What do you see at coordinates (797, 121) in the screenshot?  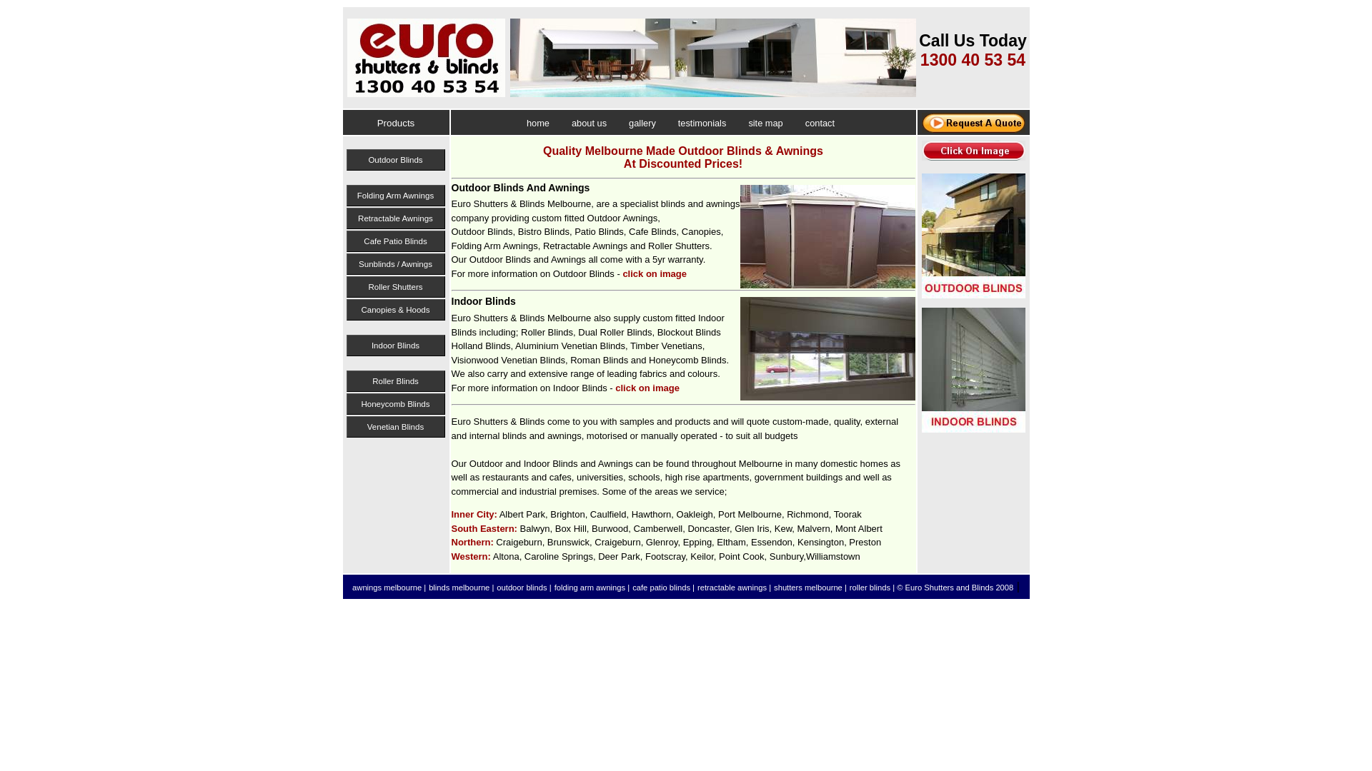 I see `'contact'` at bounding box center [797, 121].